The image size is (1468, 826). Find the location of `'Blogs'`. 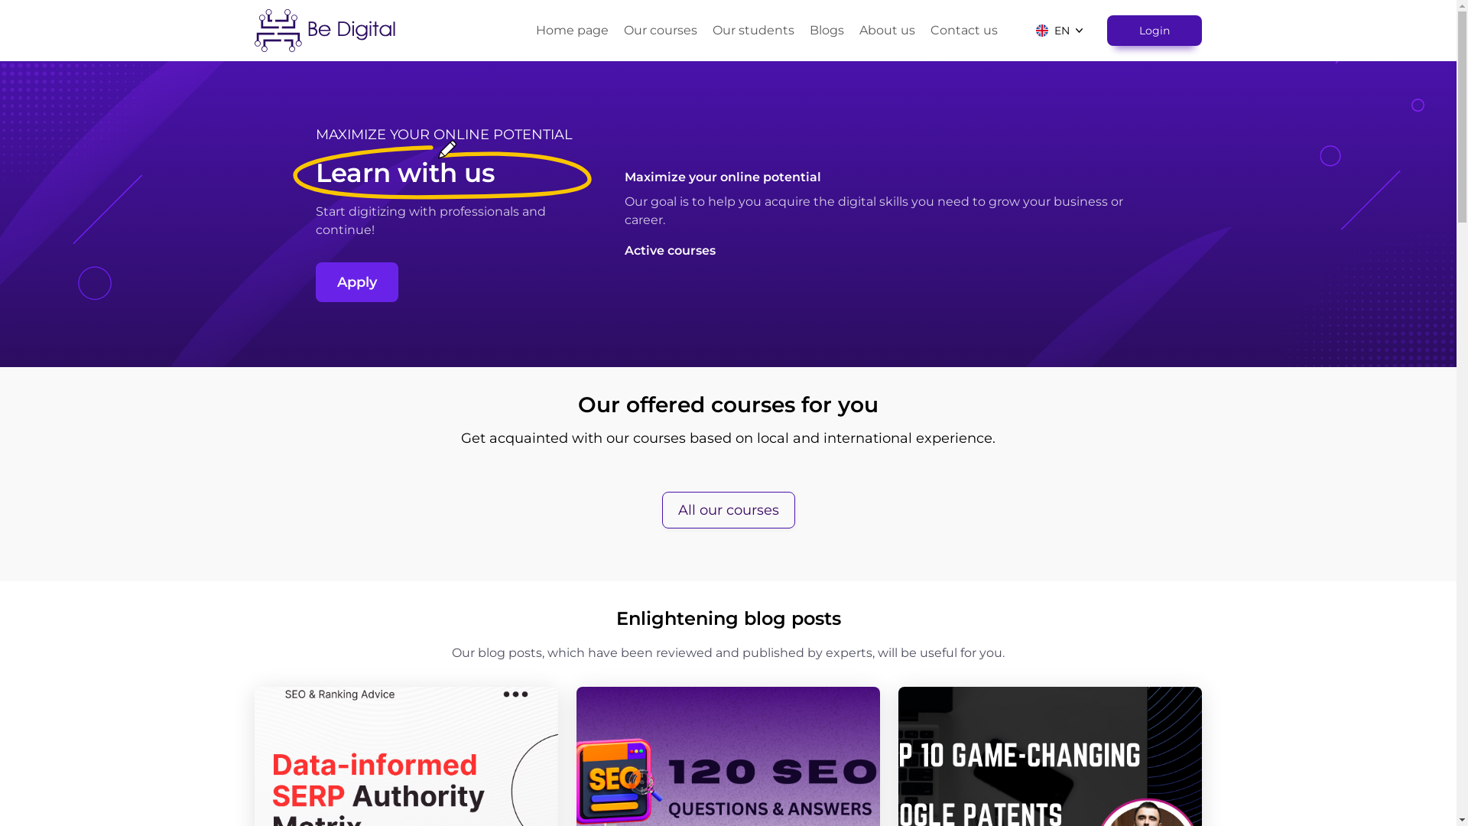

'Blogs' is located at coordinates (826, 30).